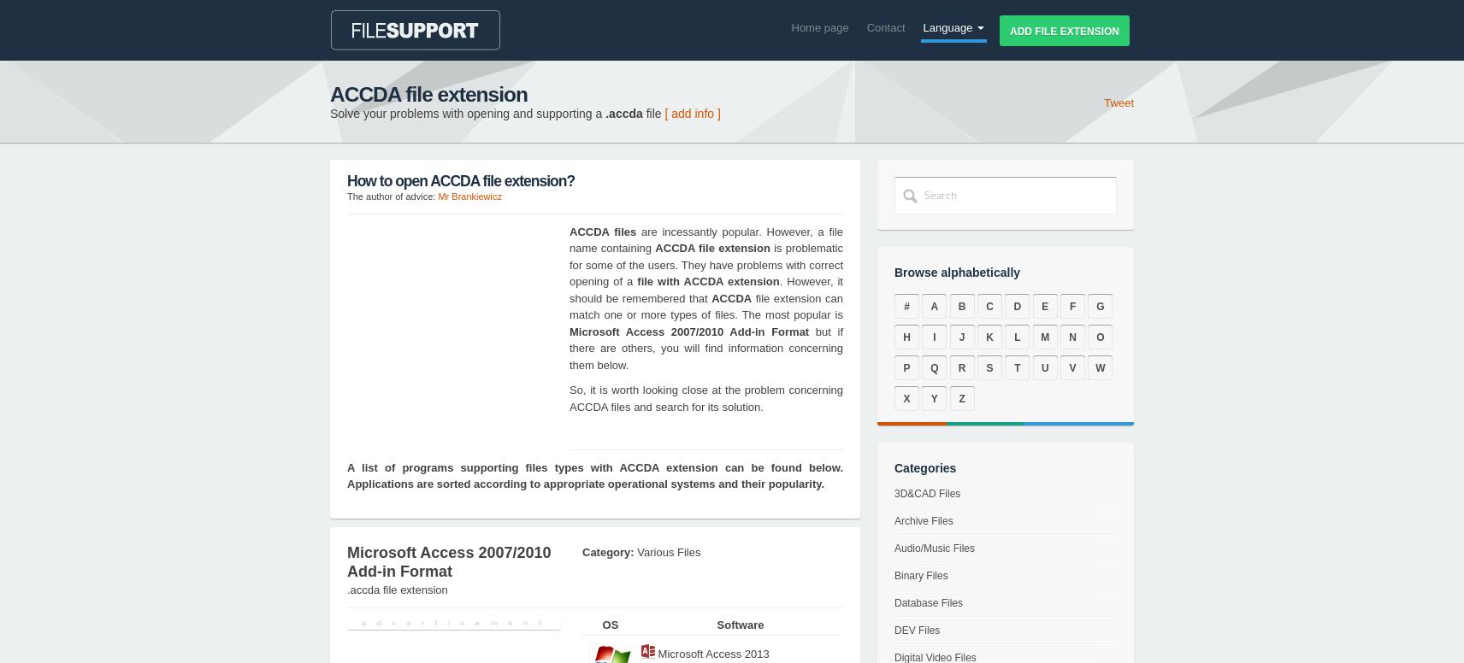  Describe the element at coordinates (927, 492) in the screenshot. I see `'3D&CAD Files'` at that location.